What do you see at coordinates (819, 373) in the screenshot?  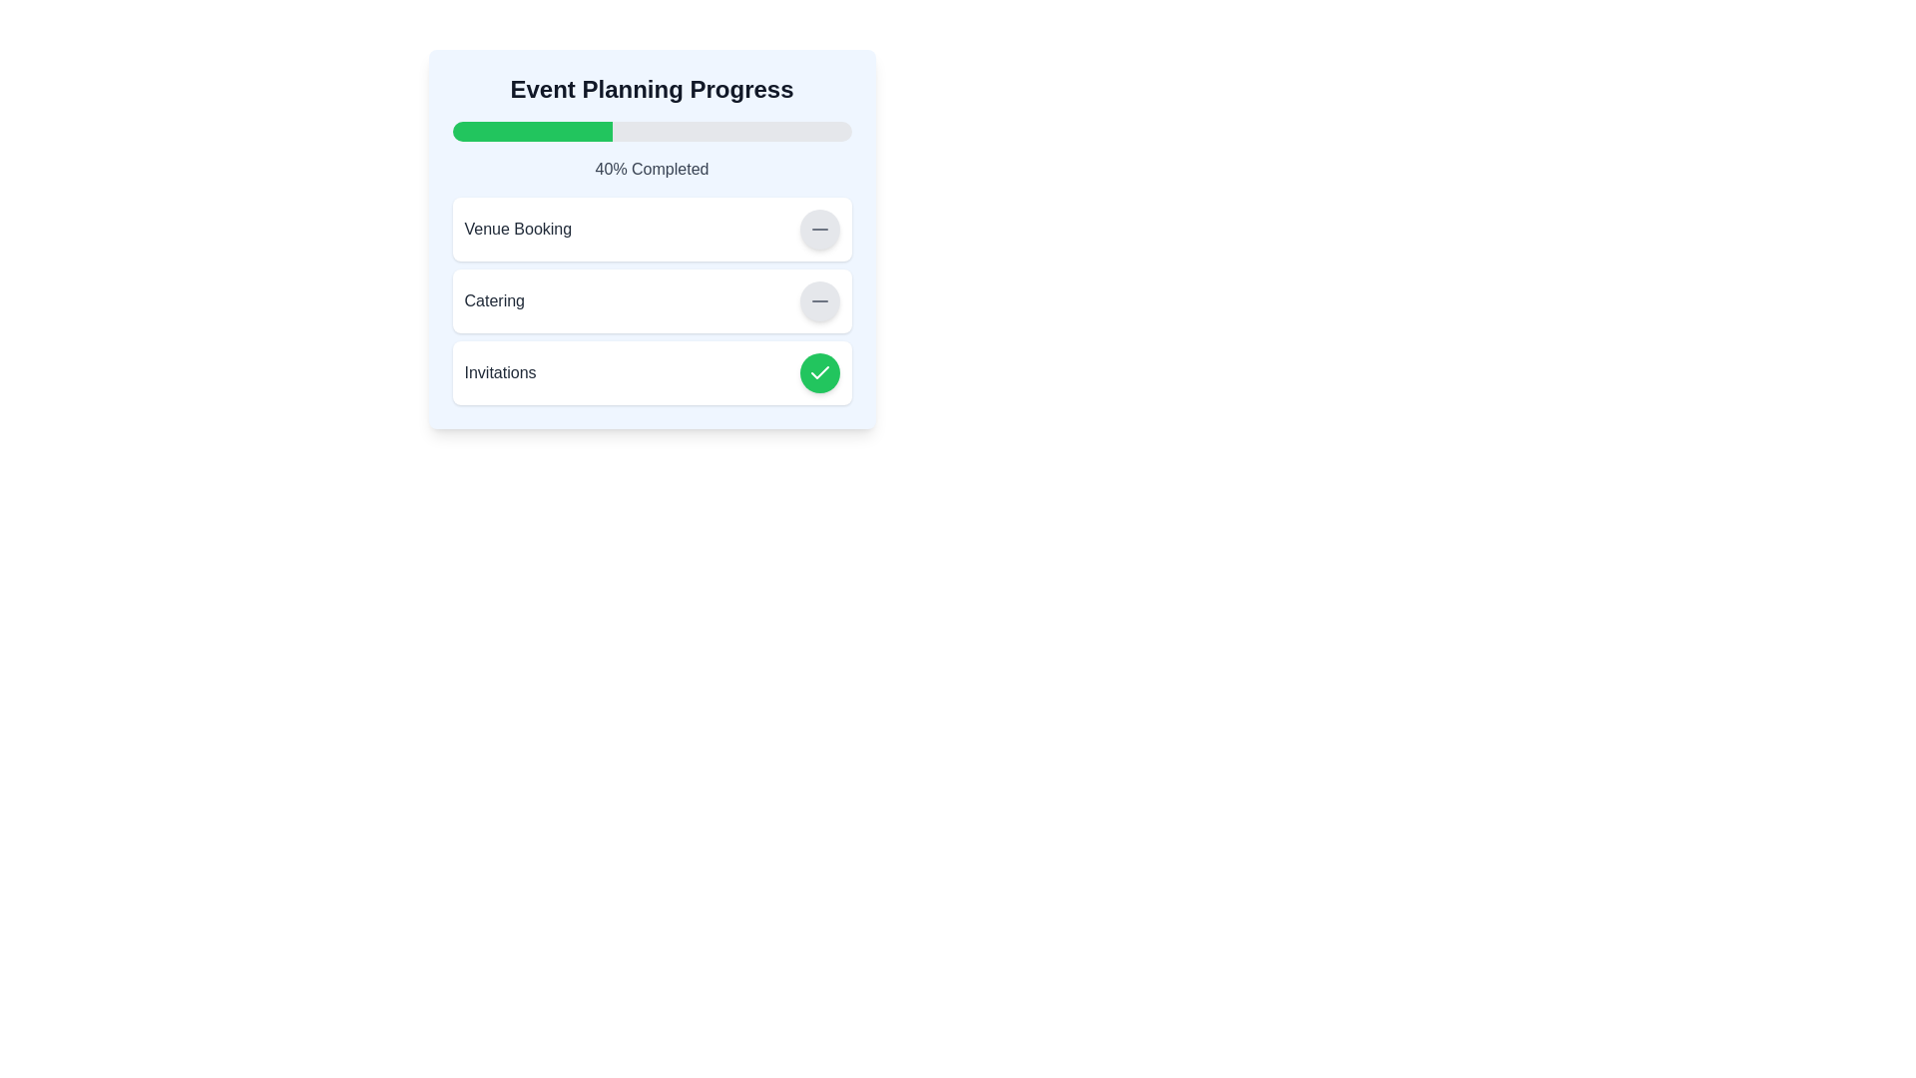 I see `the checkmark icon indicating that the task 'Invitations' has been completed, located on the far-right side of the third task row within a green circular area` at bounding box center [819, 373].